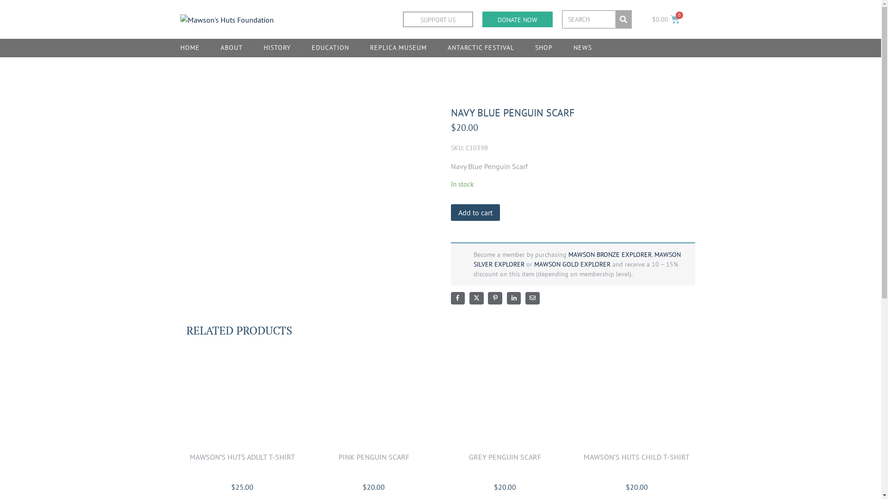 The image size is (888, 499). What do you see at coordinates (571, 264) in the screenshot?
I see `'MAWSON GOLD EXPLORER'` at bounding box center [571, 264].